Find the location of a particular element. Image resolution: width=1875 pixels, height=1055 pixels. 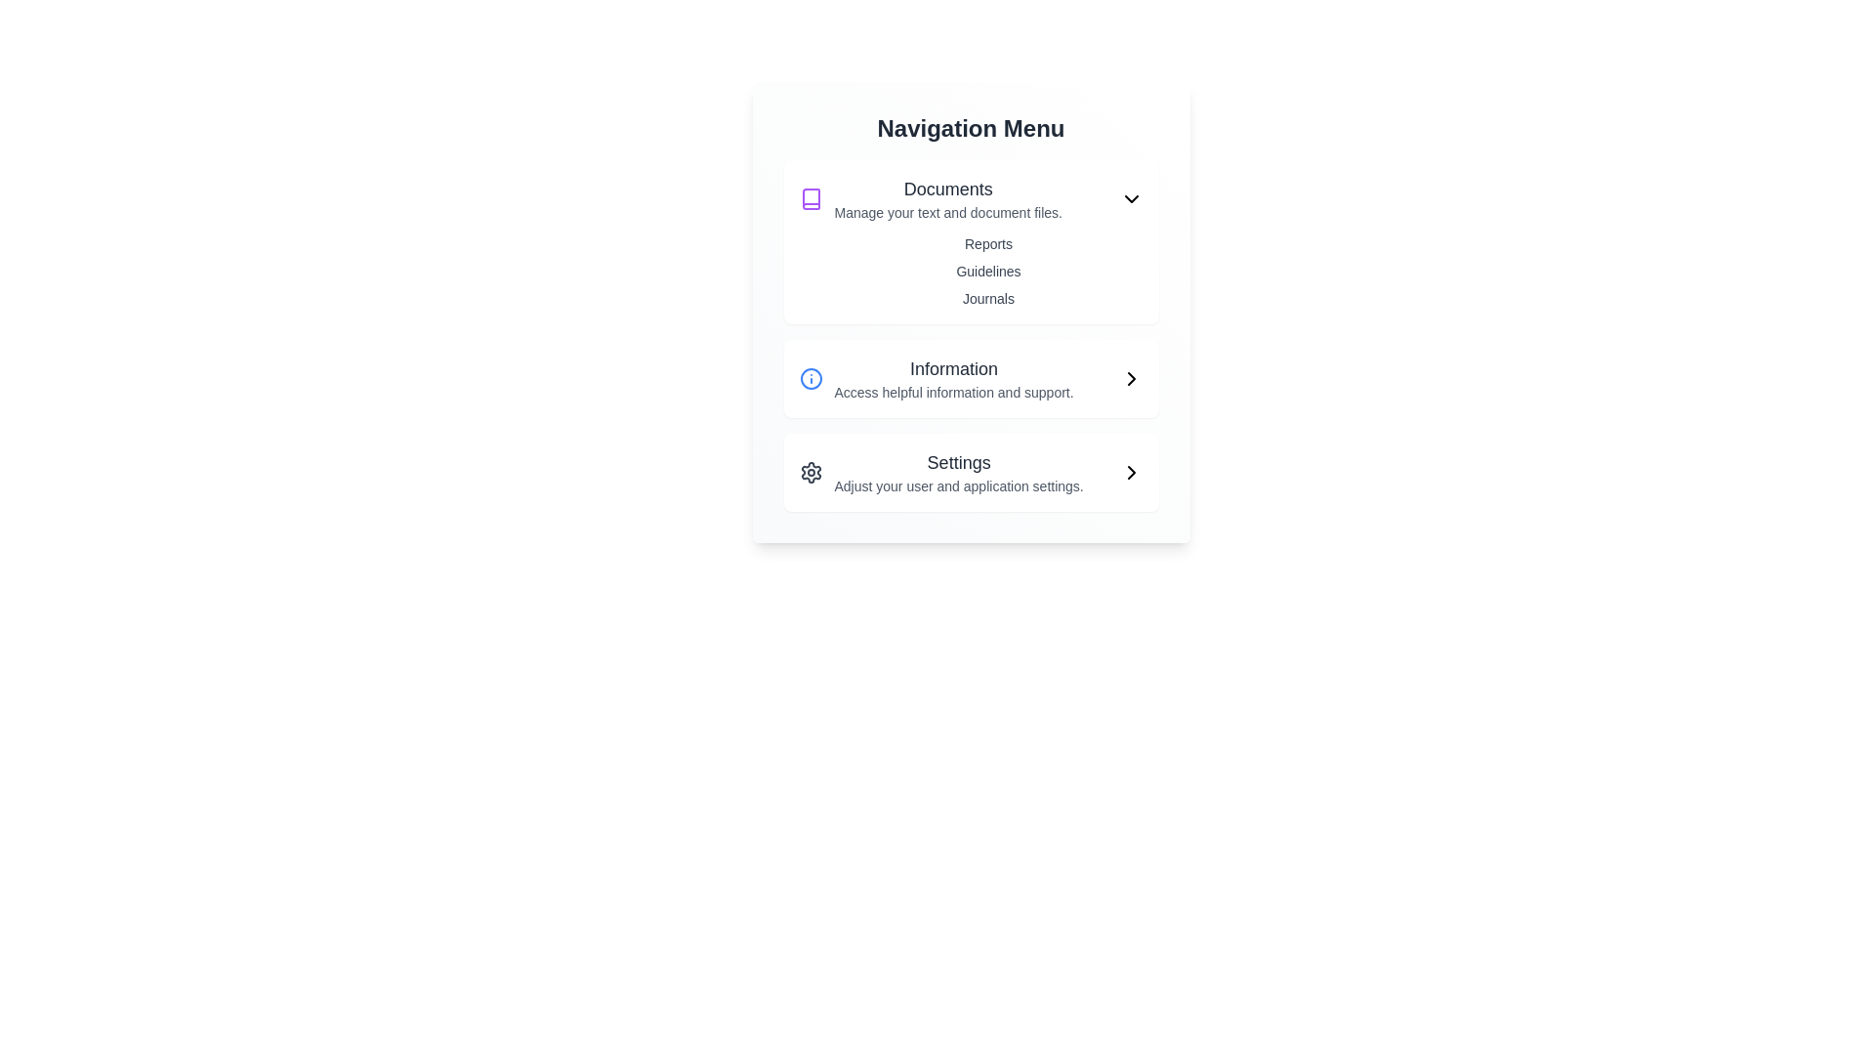

the clickable navigation card located below the 'Information' section in the navigation menu to highlight it is located at coordinates (971, 472).